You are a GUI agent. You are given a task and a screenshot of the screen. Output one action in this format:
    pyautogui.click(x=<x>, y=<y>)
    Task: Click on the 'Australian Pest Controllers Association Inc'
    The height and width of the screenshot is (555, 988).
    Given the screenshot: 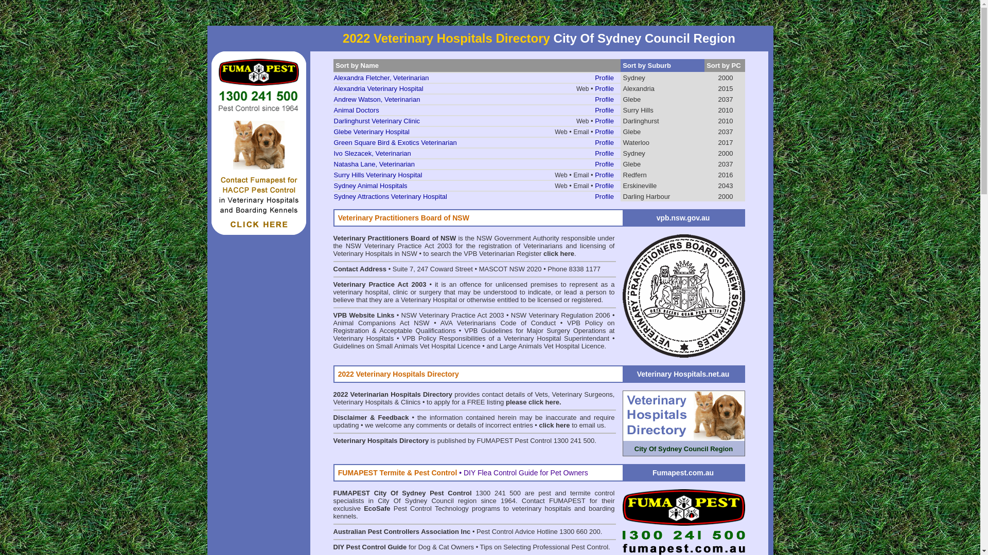 What is the action you would take?
    pyautogui.click(x=333, y=531)
    